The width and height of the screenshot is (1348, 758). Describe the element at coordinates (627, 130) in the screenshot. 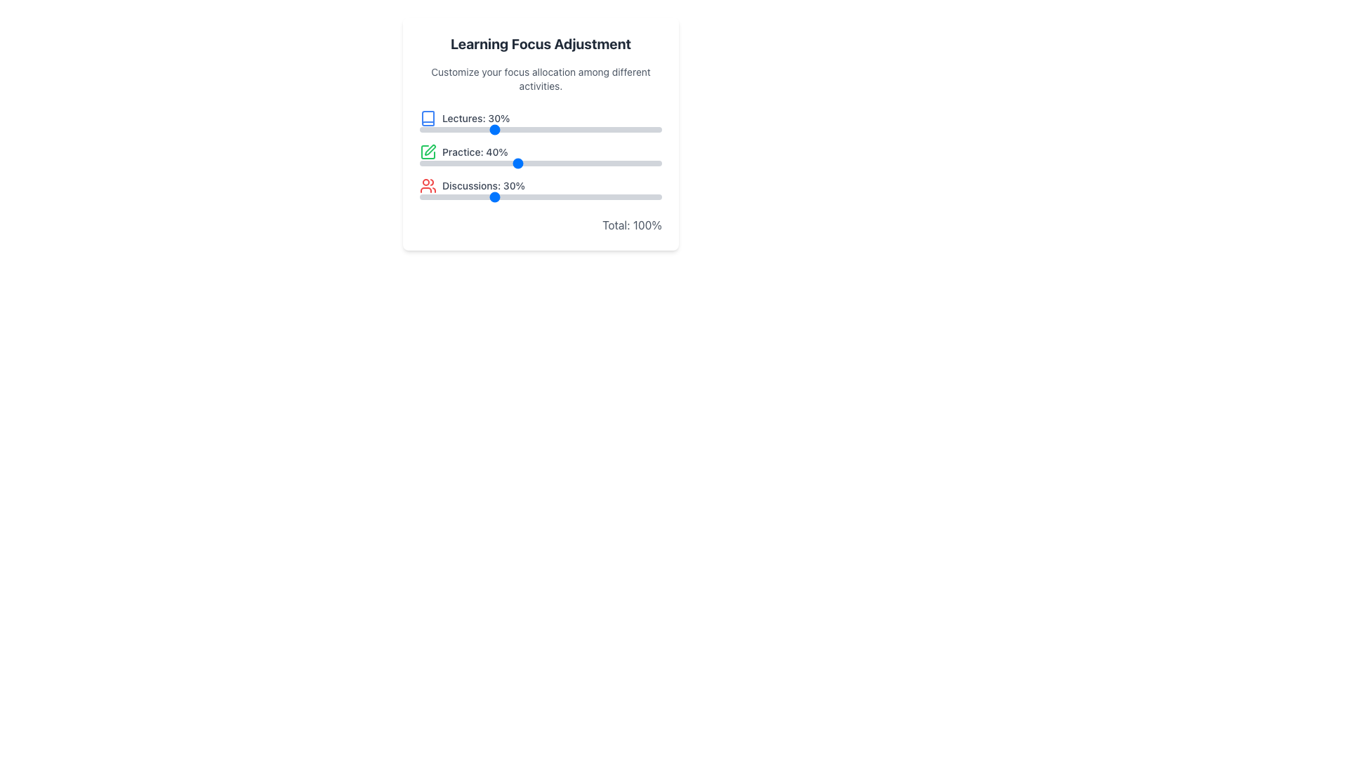

I see `the slider` at that location.